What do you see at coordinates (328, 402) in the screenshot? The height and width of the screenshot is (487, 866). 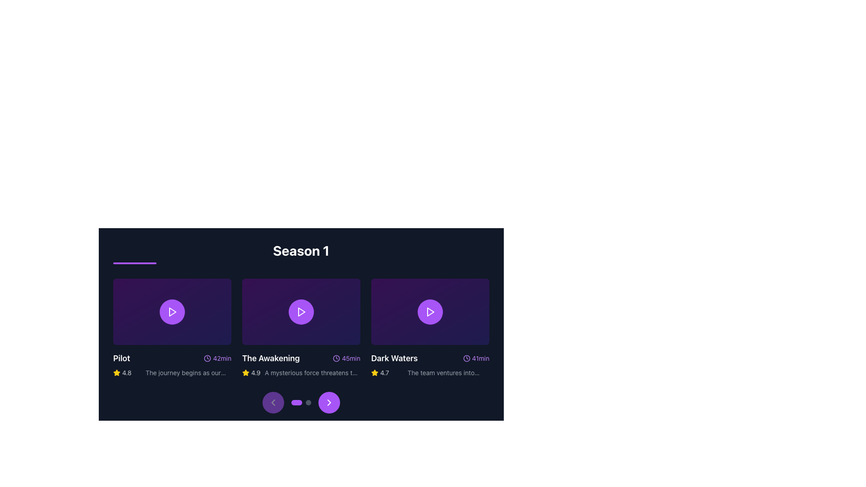 I see `the button located at the bottom-right of the navigation control area under a list of video thumbnails` at bounding box center [328, 402].